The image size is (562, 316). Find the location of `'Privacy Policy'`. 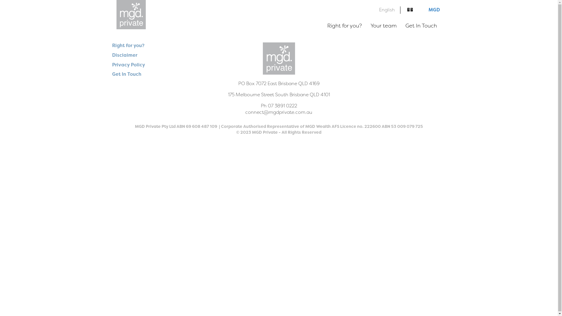

'Privacy Policy' is located at coordinates (128, 65).